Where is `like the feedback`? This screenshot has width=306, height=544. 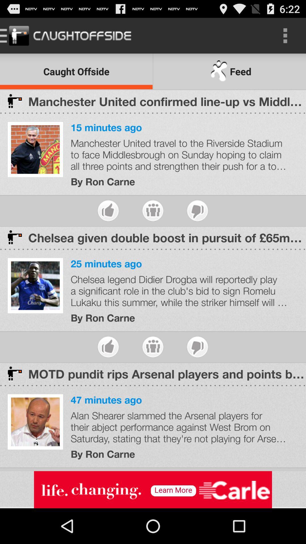
like the feedback is located at coordinates (197, 210).